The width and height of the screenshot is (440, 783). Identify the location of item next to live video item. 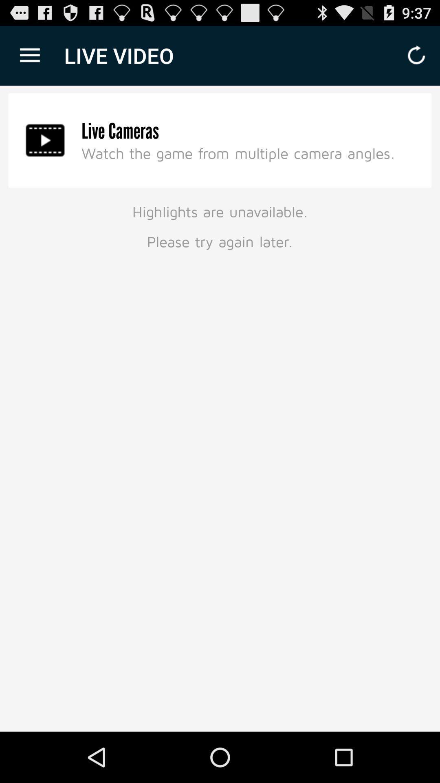
(29, 55).